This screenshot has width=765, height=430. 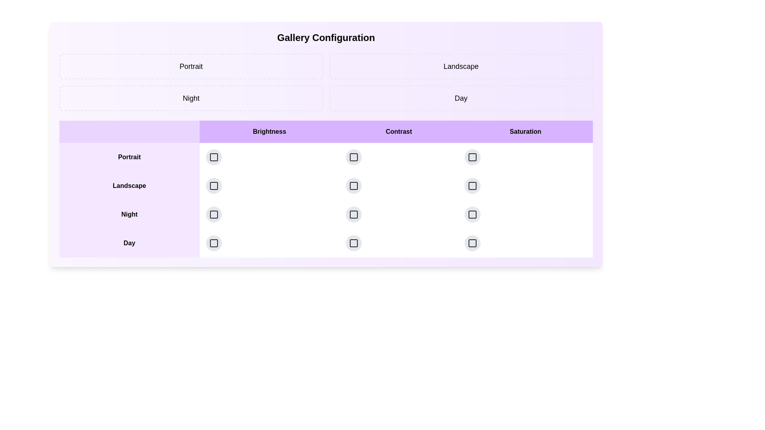 What do you see at coordinates (190, 98) in the screenshot?
I see `the text label reading 'Night', which is styled with a bold font and is larger than the surrounding text, located under the 'Gallery Configuration' section` at bounding box center [190, 98].